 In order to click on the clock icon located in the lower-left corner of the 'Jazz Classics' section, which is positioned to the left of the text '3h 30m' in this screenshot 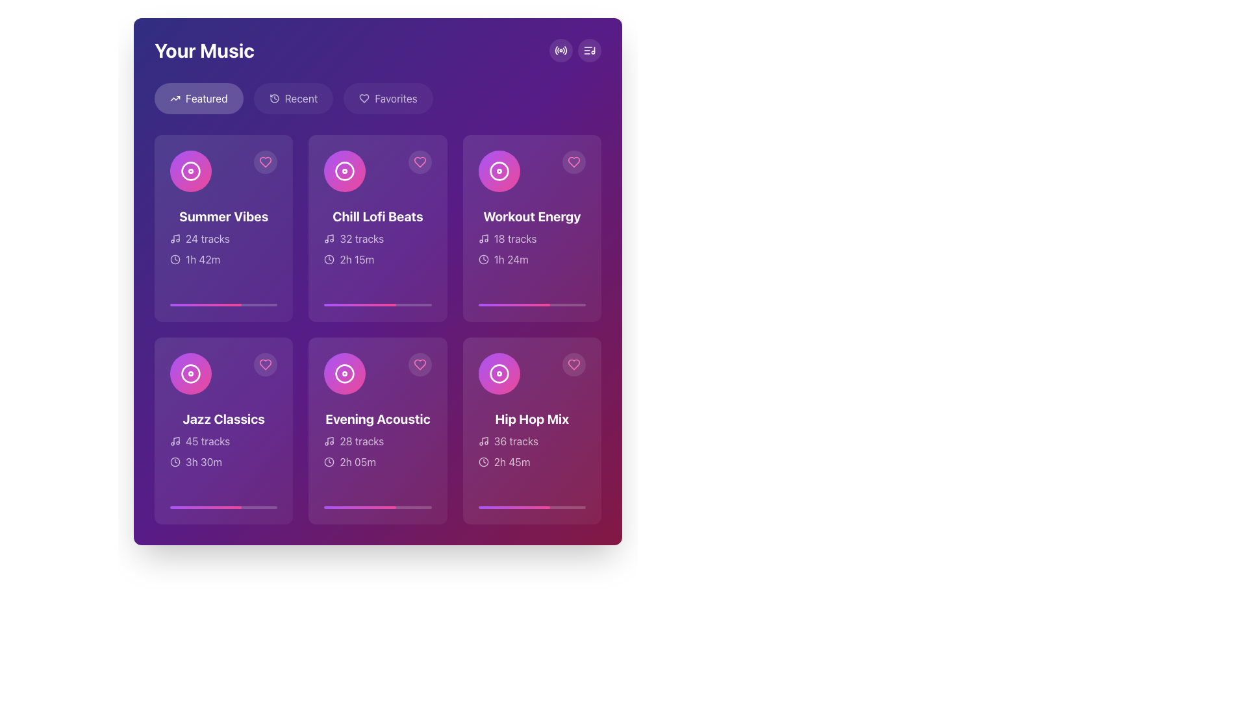, I will do `click(174, 461)`.